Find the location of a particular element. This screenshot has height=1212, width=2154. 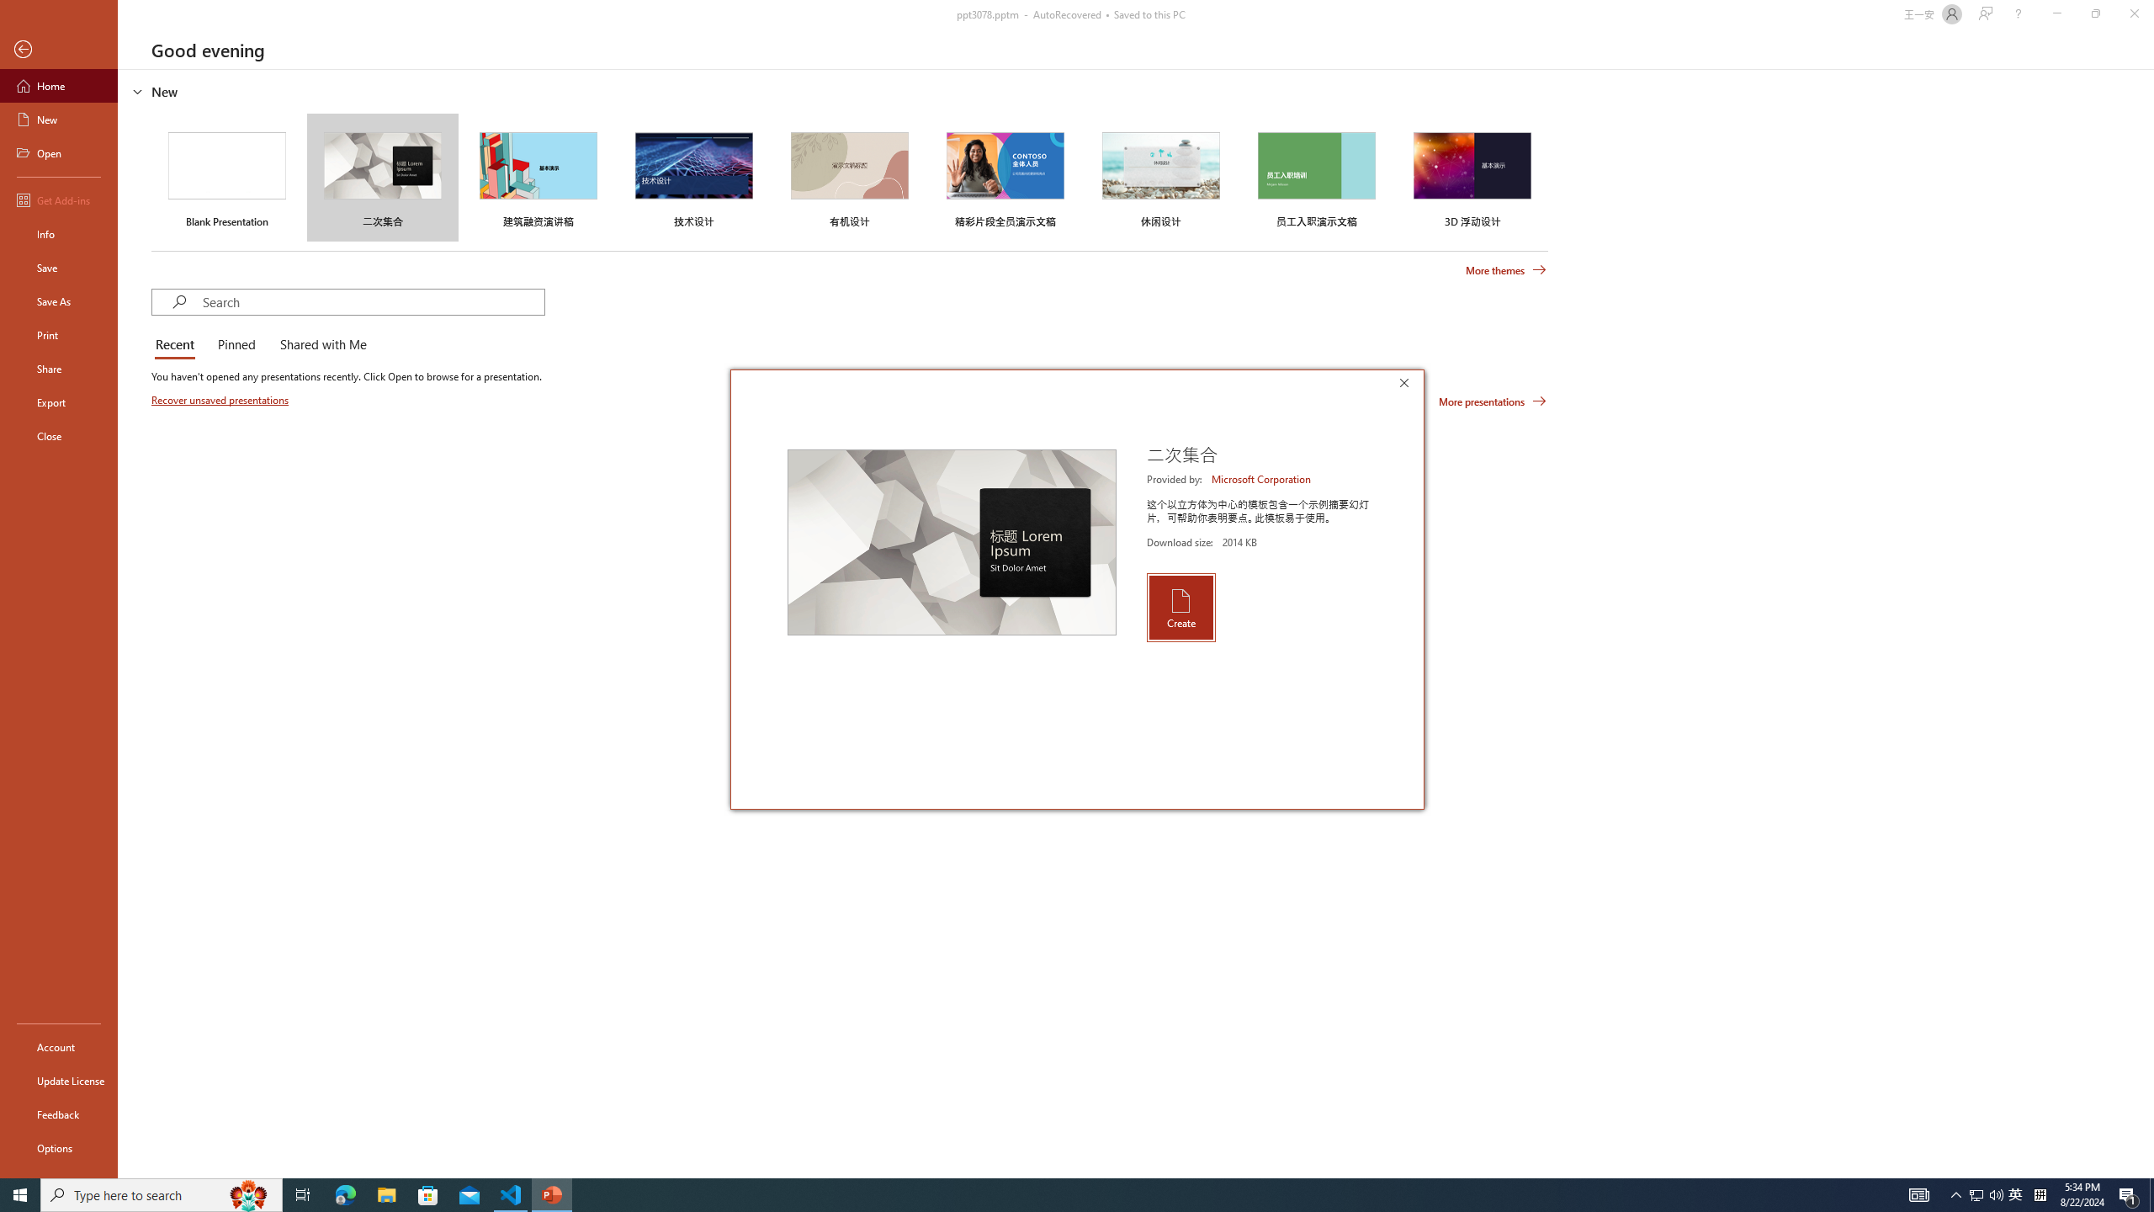

'Create' is located at coordinates (1180, 607).